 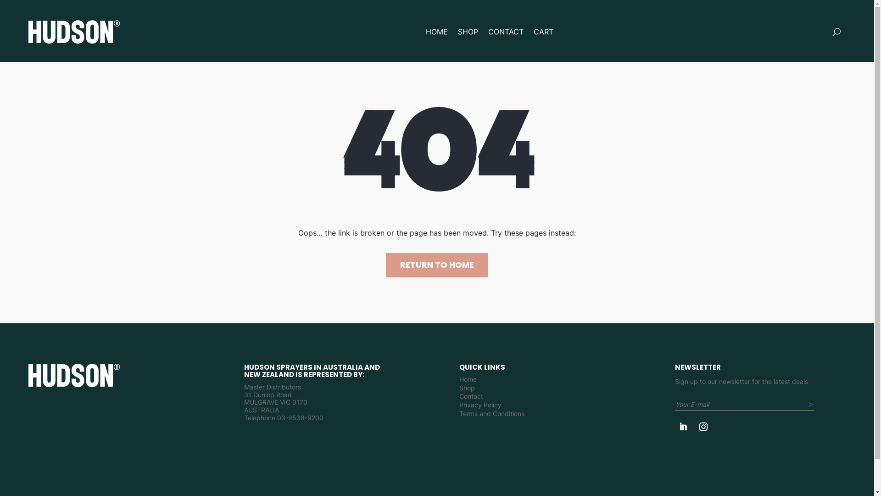 I want to click on 'Terms and Conditions', so click(x=459, y=416).